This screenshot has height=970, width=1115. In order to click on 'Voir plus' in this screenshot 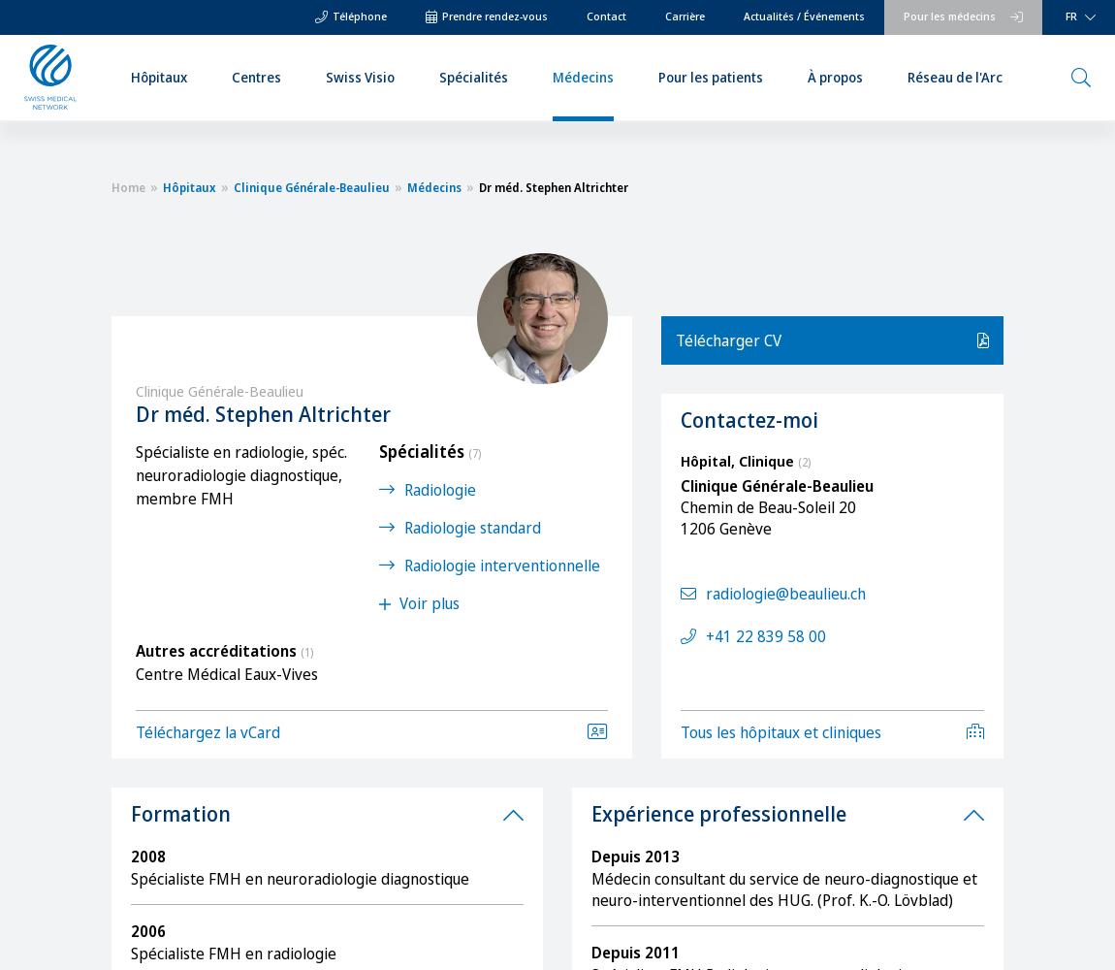, I will do `click(428, 602)`.